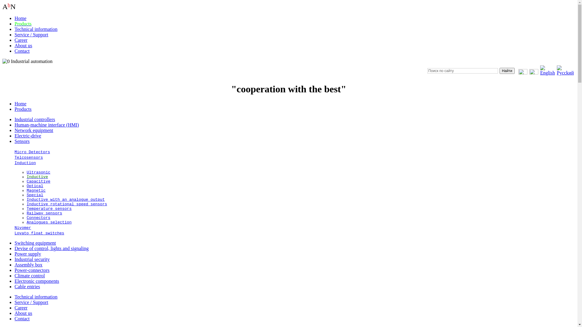 The image size is (582, 327). Describe the element at coordinates (20, 103) in the screenshot. I see `'Home'` at that location.